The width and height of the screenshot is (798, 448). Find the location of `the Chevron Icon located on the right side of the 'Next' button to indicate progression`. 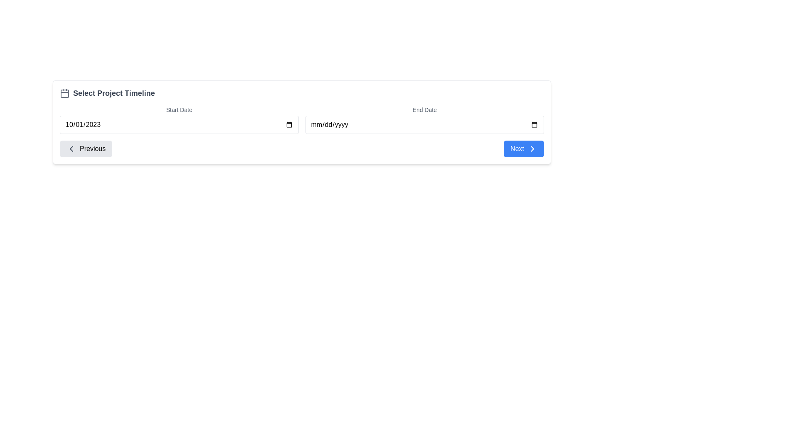

the Chevron Icon located on the right side of the 'Next' button to indicate progression is located at coordinates (532, 148).